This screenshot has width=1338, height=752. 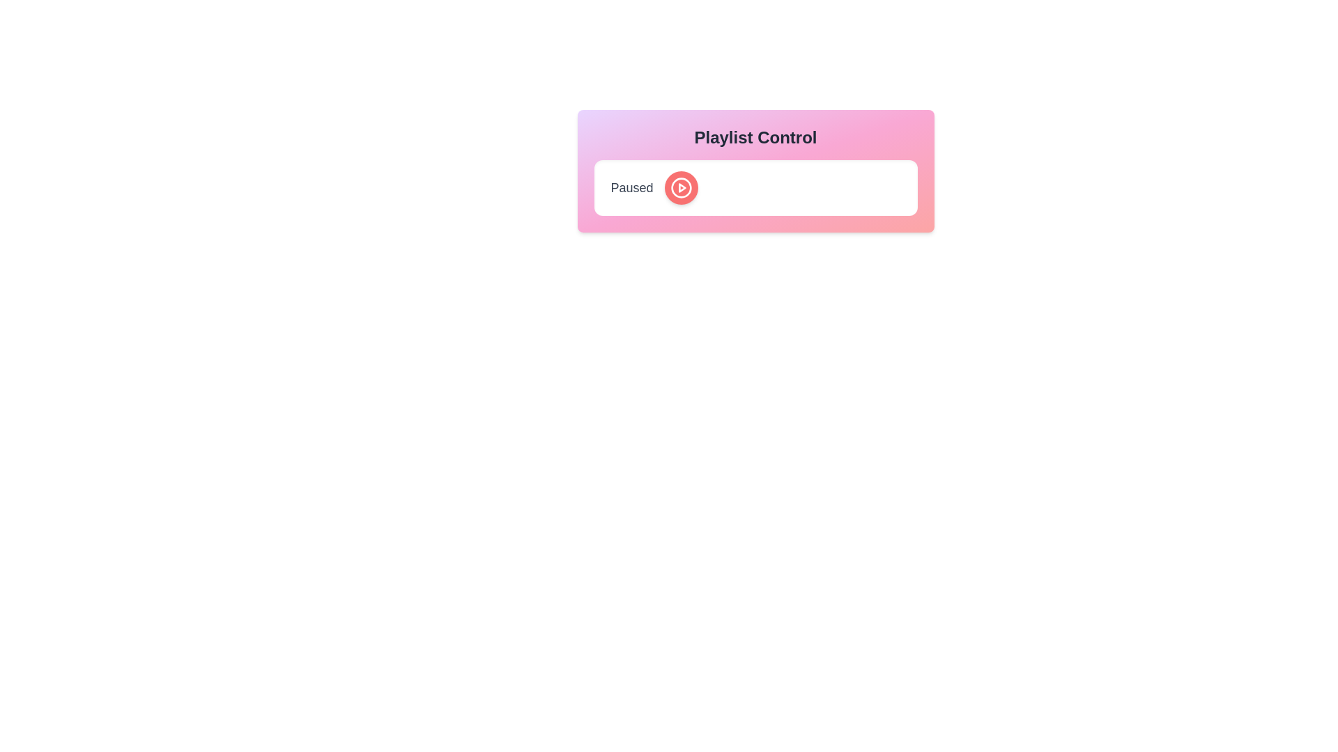 I want to click on the toggle button to switch between play and pause states, so click(x=681, y=188).